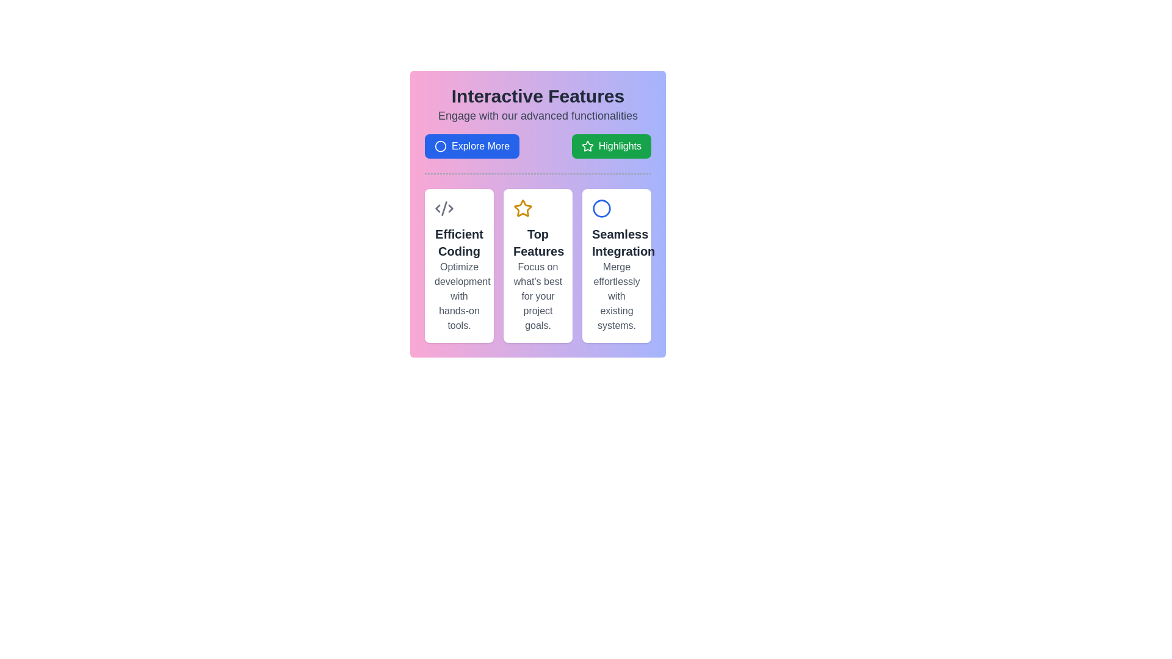  I want to click on the text header 'Seamless Integration' which is styled in bold and larger font size, located in the rightmost card of the third column, below a blue circular icon, so click(617, 242).